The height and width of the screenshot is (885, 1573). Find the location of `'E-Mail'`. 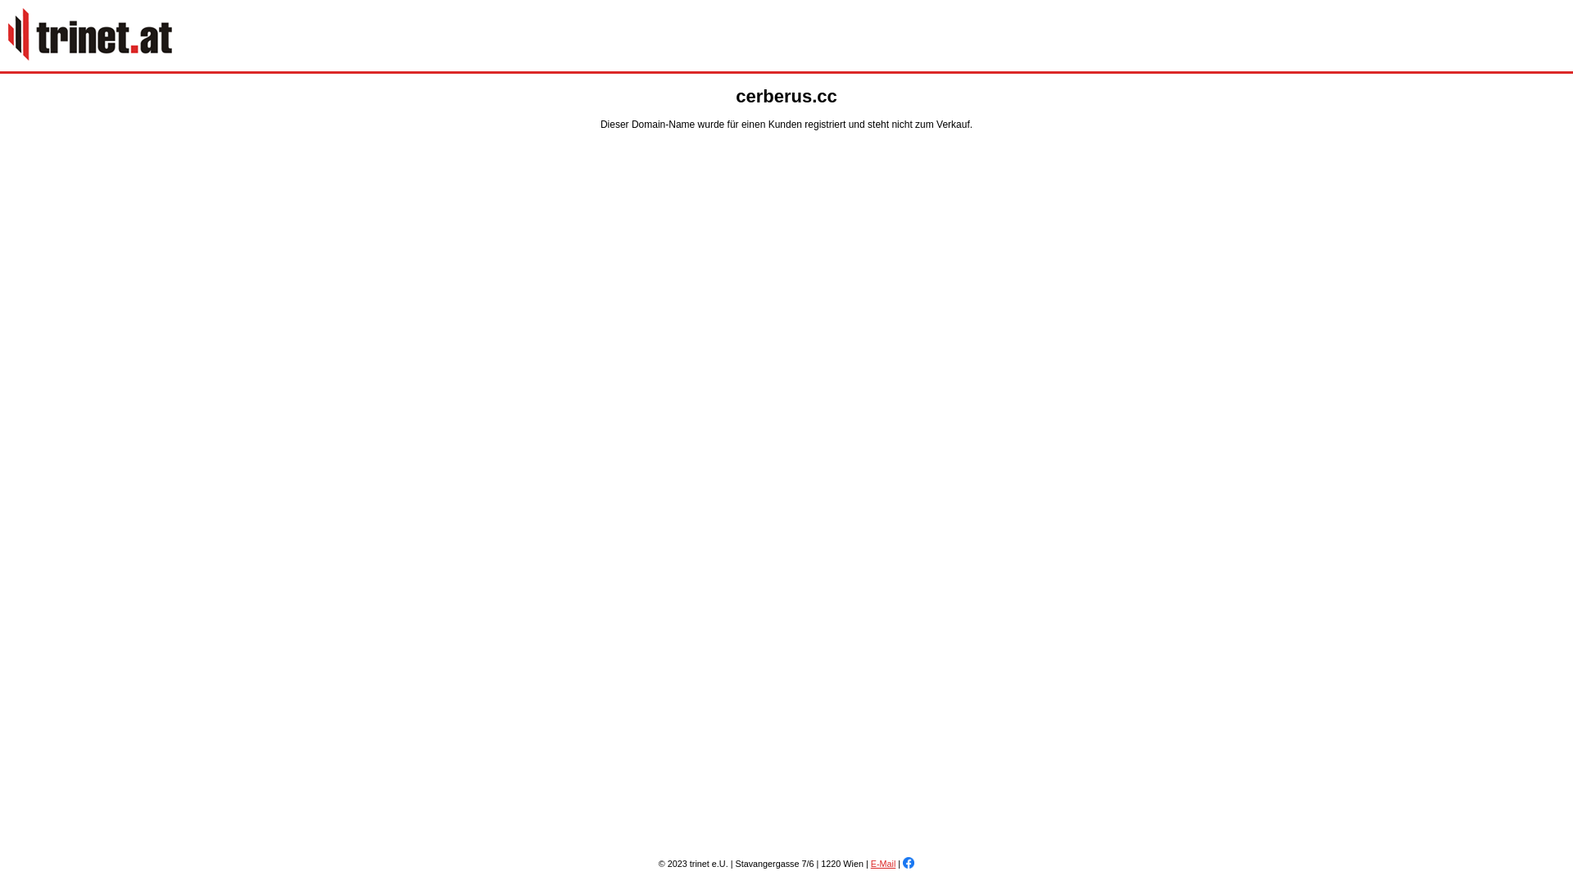

'E-Mail' is located at coordinates (869, 862).